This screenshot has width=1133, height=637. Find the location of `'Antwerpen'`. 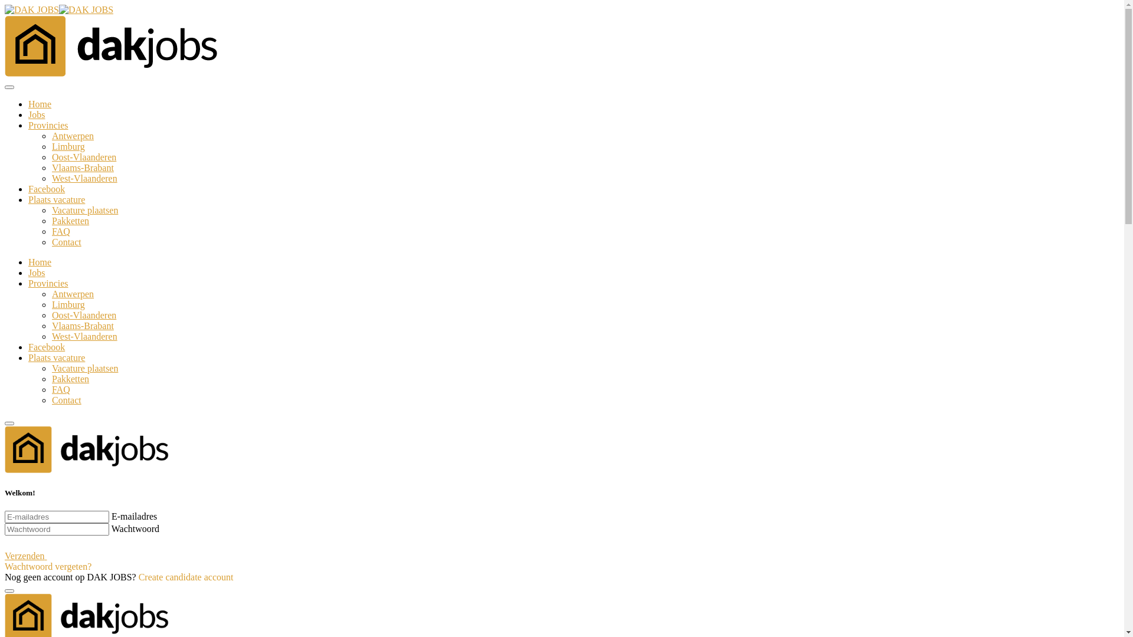

'Antwerpen' is located at coordinates (72, 135).